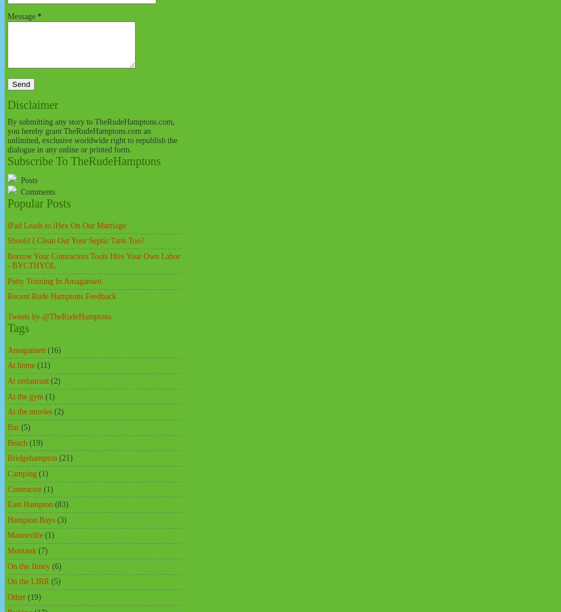  What do you see at coordinates (31, 457) in the screenshot?
I see `'Bridgehampton'` at bounding box center [31, 457].